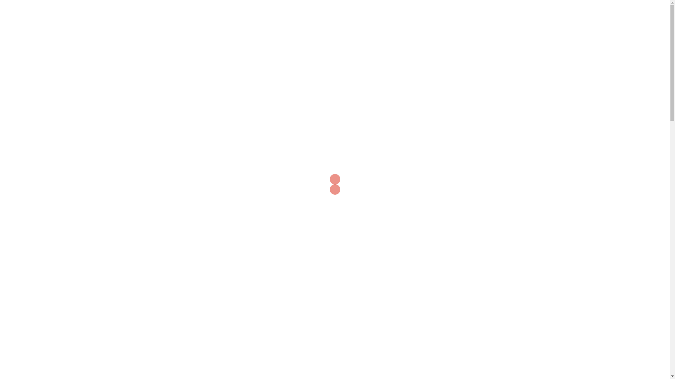  I want to click on 'Skip to content', so click(0, 0).